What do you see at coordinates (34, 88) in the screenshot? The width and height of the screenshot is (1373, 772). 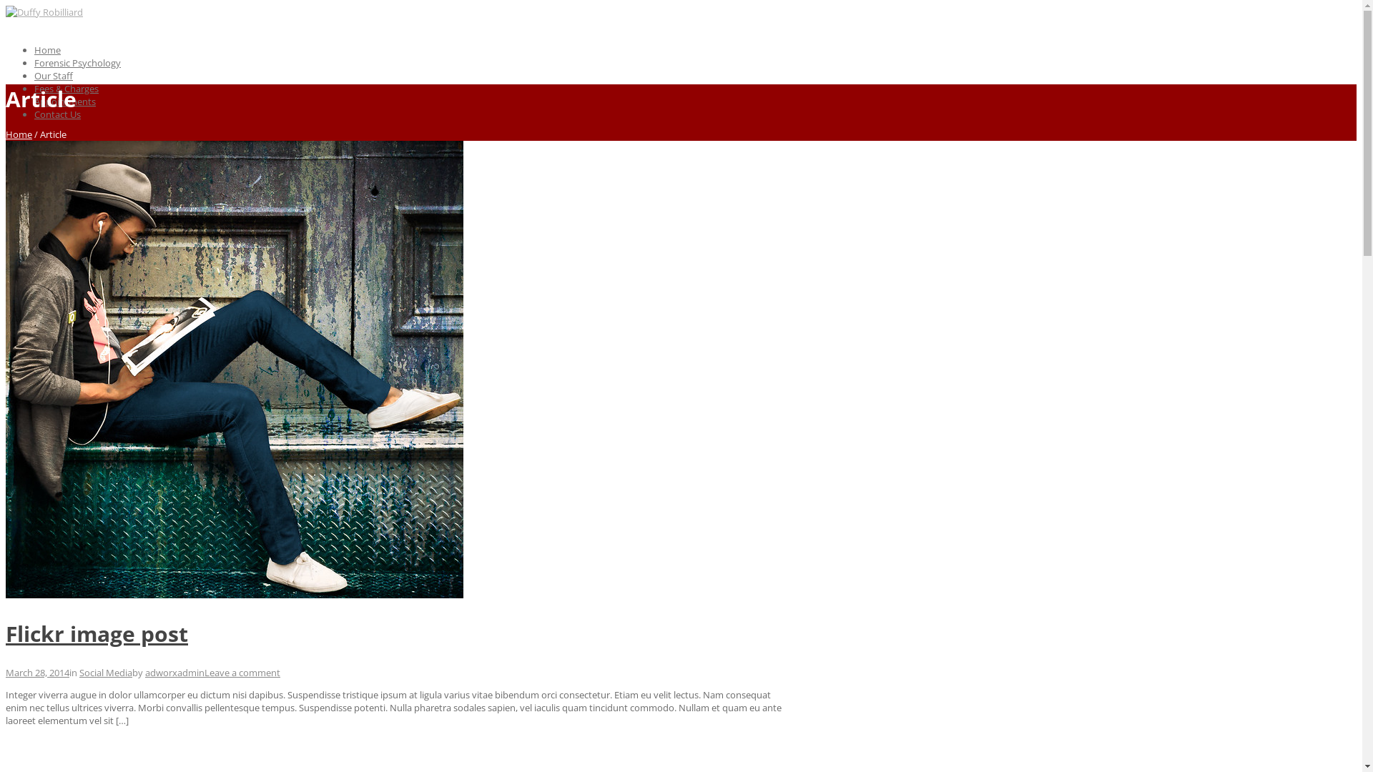 I see `'Fees & Charges'` at bounding box center [34, 88].